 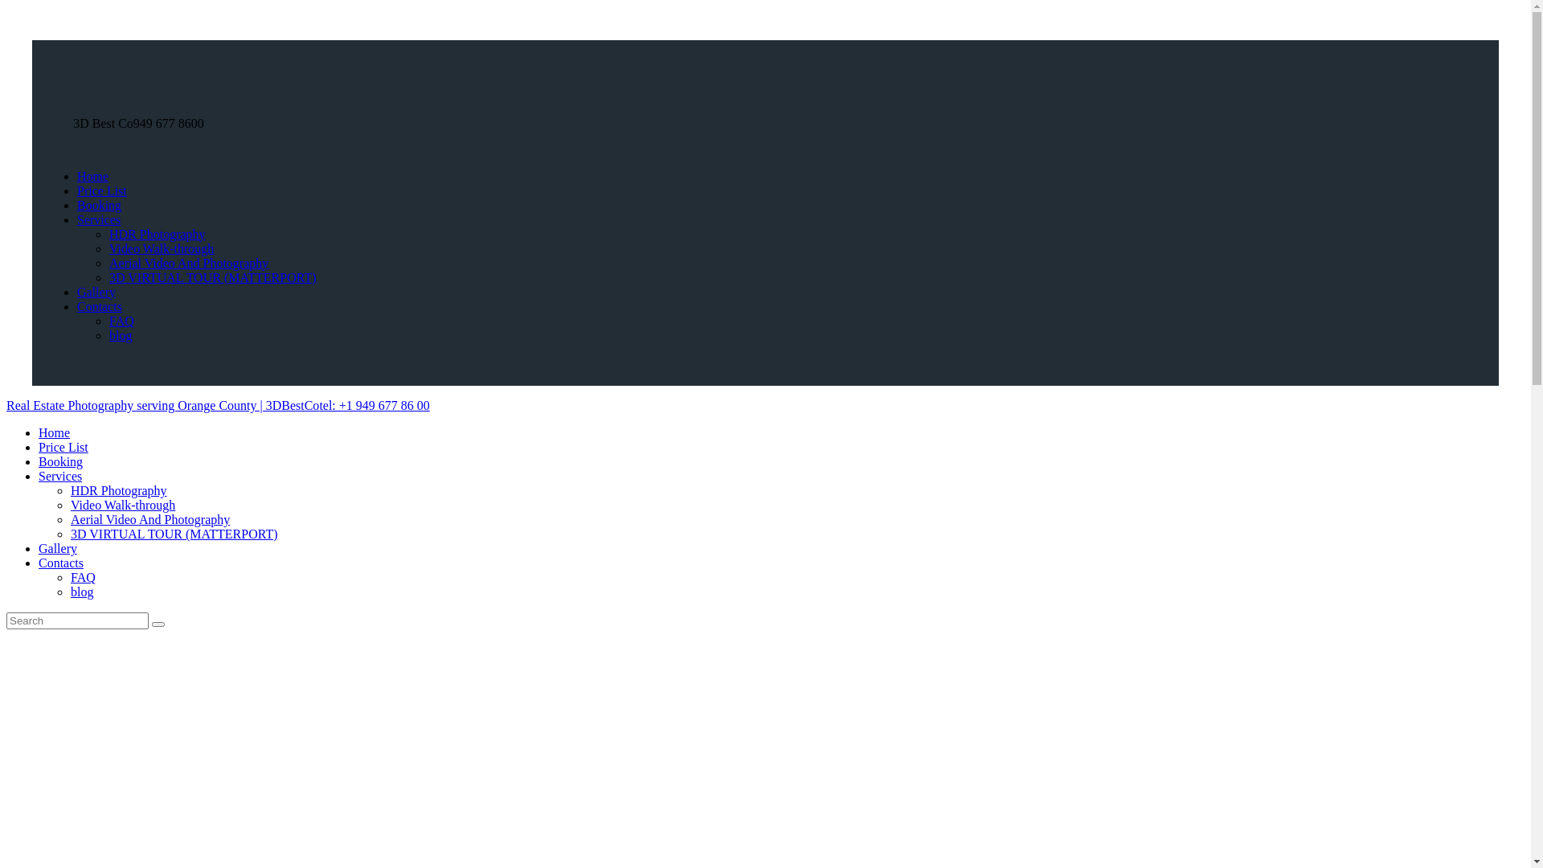 What do you see at coordinates (150, 519) in the screenshot?
I see `'Aerial Video And Photography'` at bounding box center [150, 519].